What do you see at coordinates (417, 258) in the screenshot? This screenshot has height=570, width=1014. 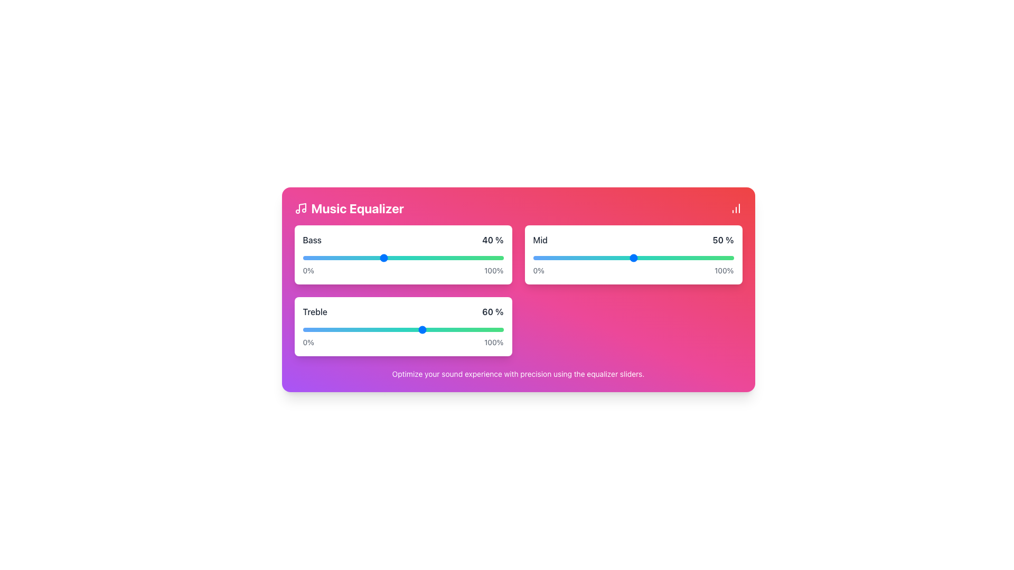 I see `the bass level` at bounding box center [417, 258].